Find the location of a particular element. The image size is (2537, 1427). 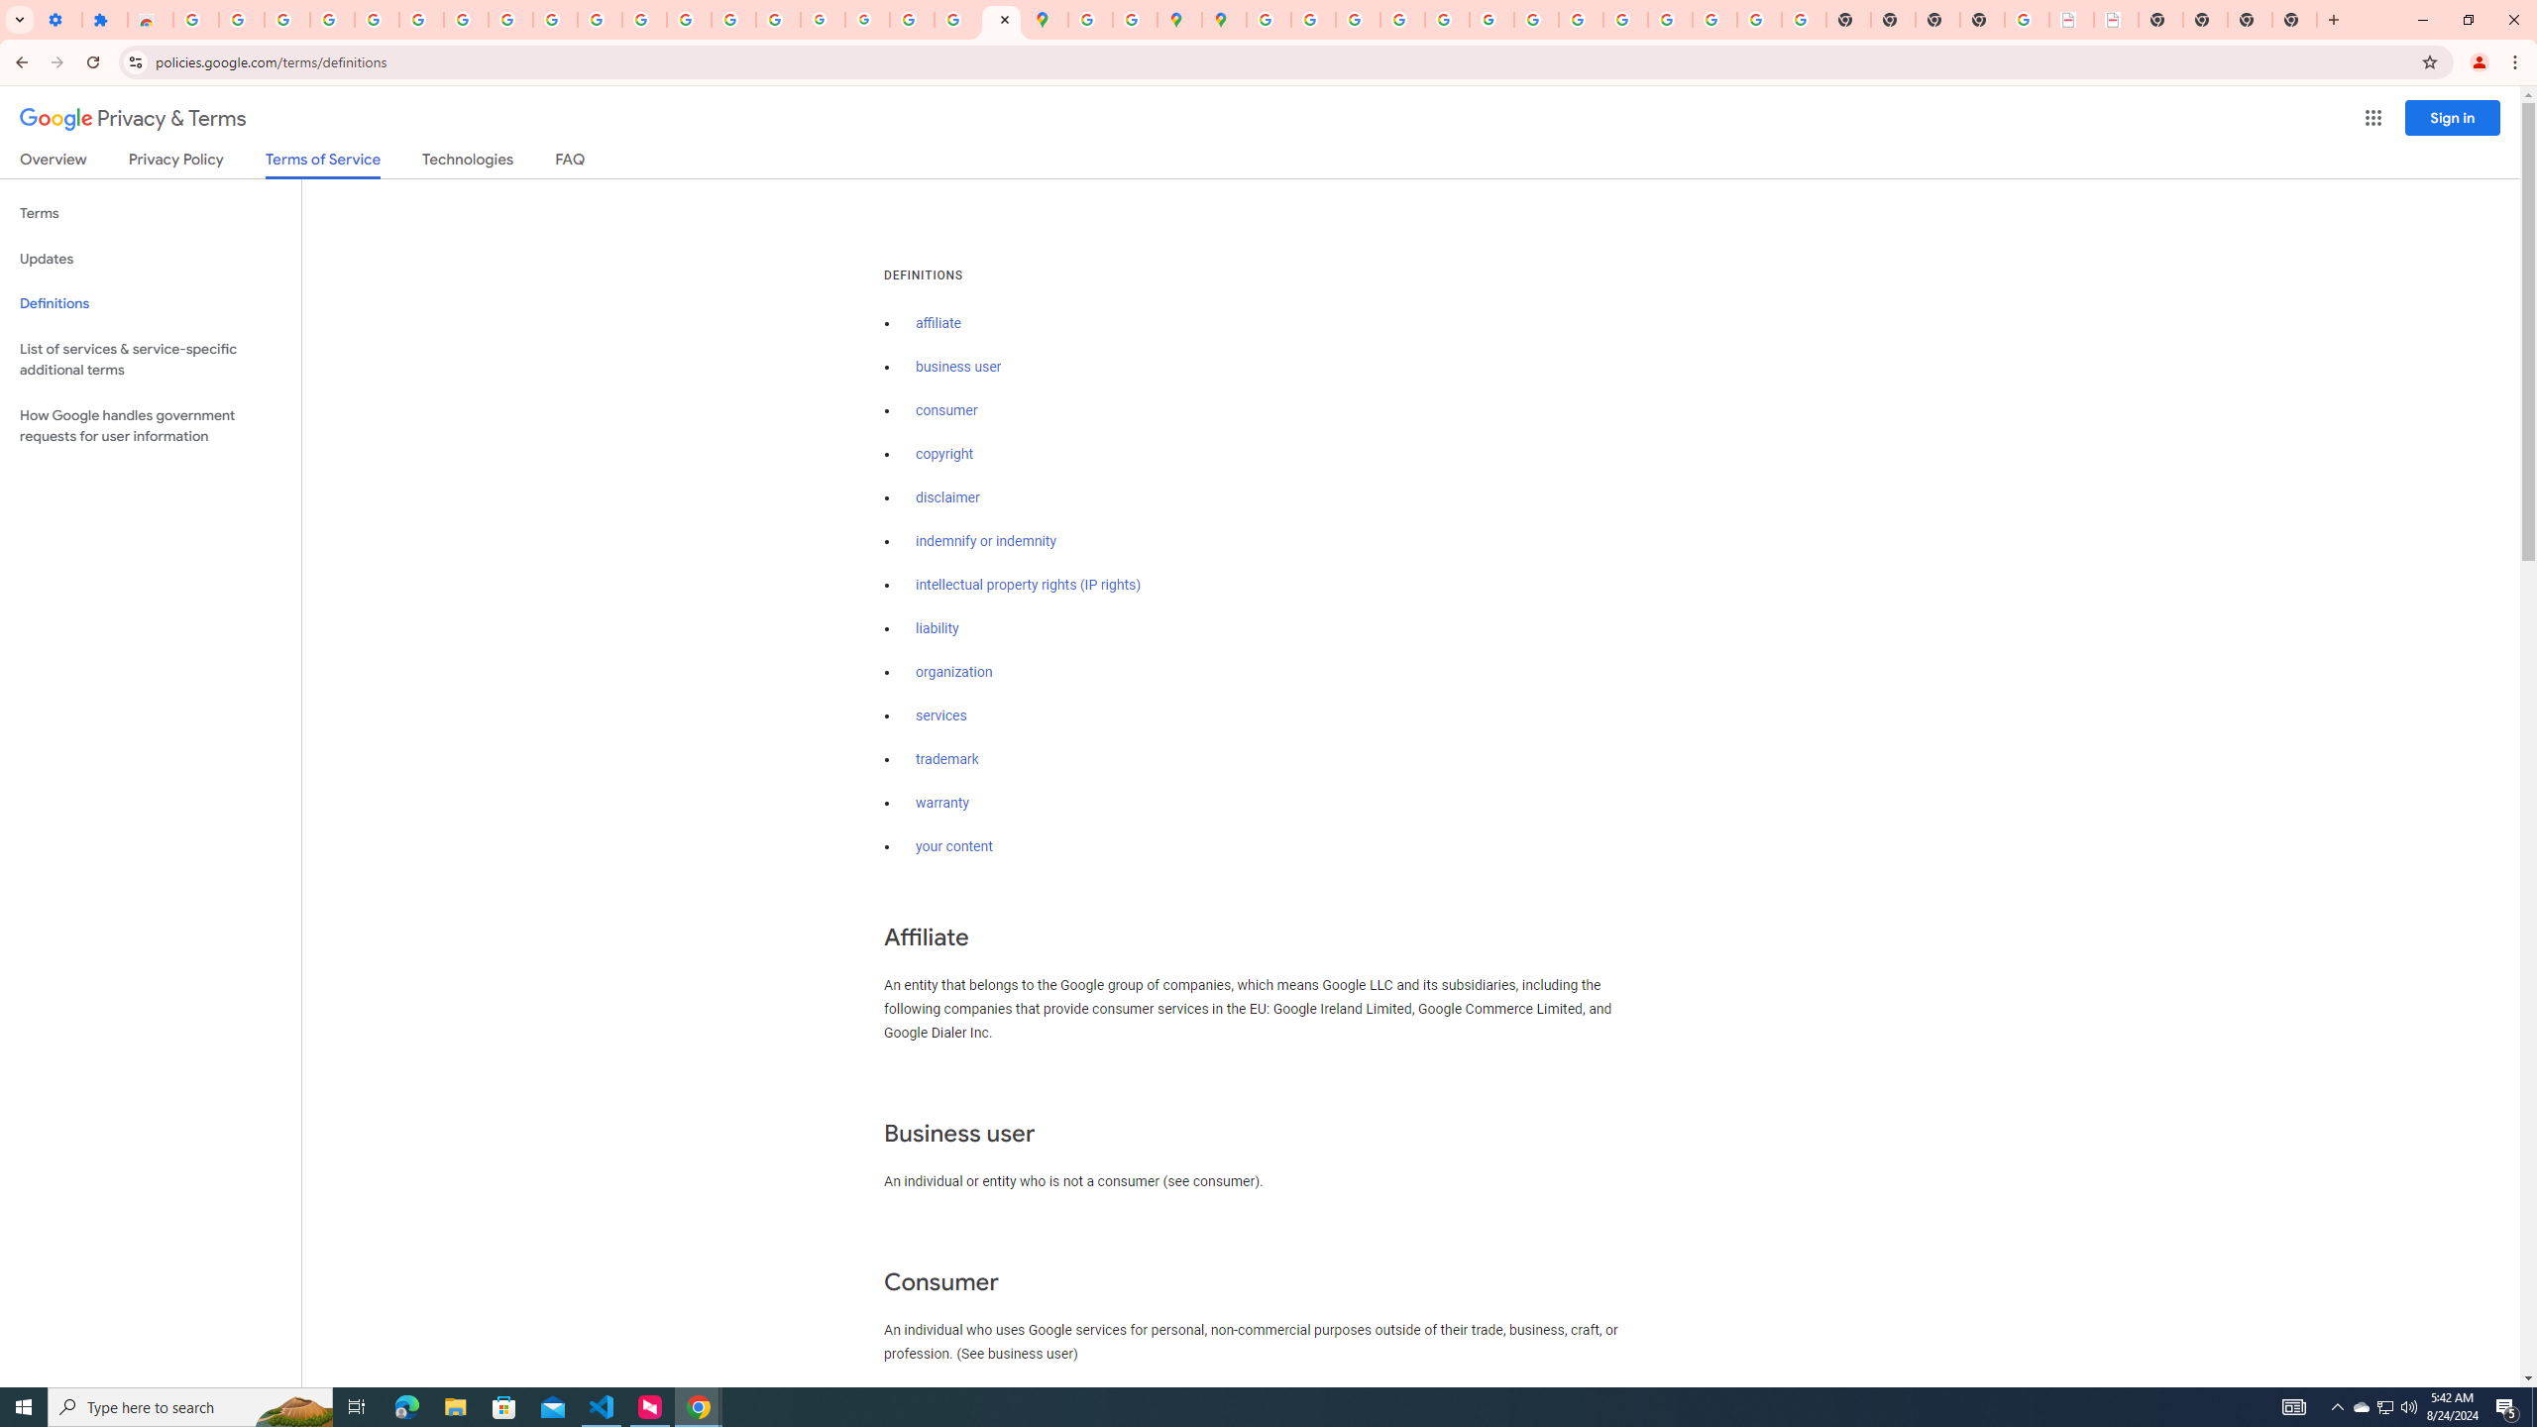

'business user' is located at coordinates (957, 366).